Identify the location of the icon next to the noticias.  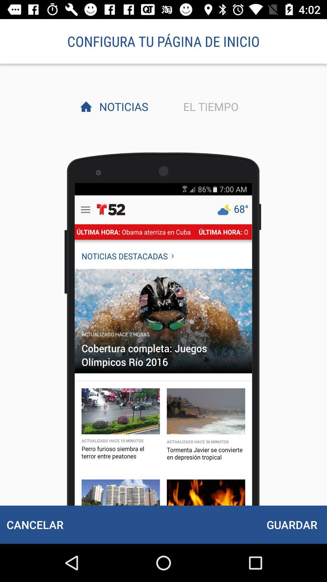
(209, 106).